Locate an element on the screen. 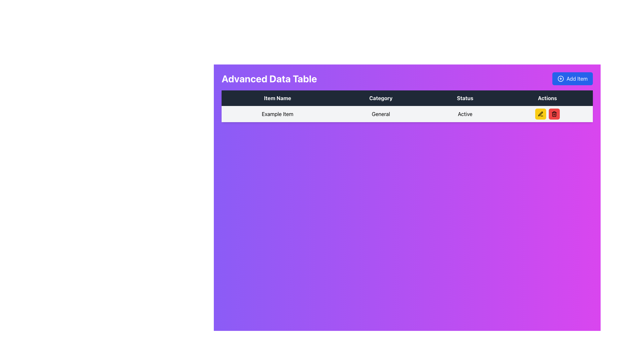  the Text label in the first column of the data row that displays the 'Item Name' for an item in the table is located at coordinates (277, 113).